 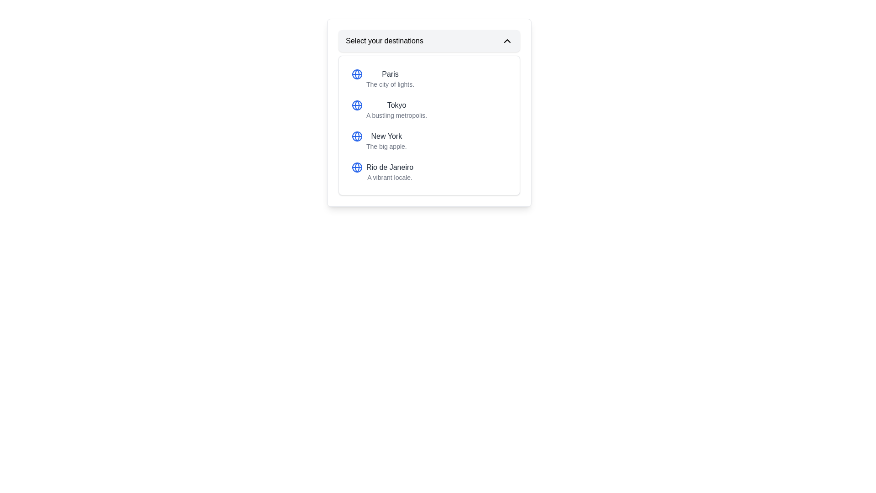 What do you see at coordinates (390, 172) in the screenshot?
I see `the list item displaying the text 'Rio de Janeiro' with the phrase 'A vibrant locale.' in a dropdown panel of destinations` at bounding box center [390, 172].